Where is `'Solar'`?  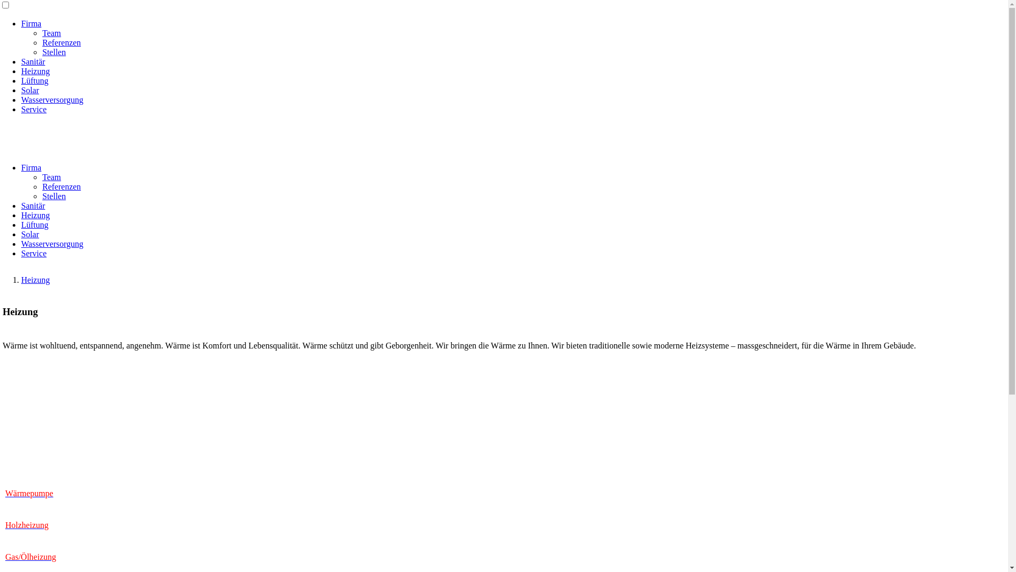 'Solar' is located at coordinates (21, 90).